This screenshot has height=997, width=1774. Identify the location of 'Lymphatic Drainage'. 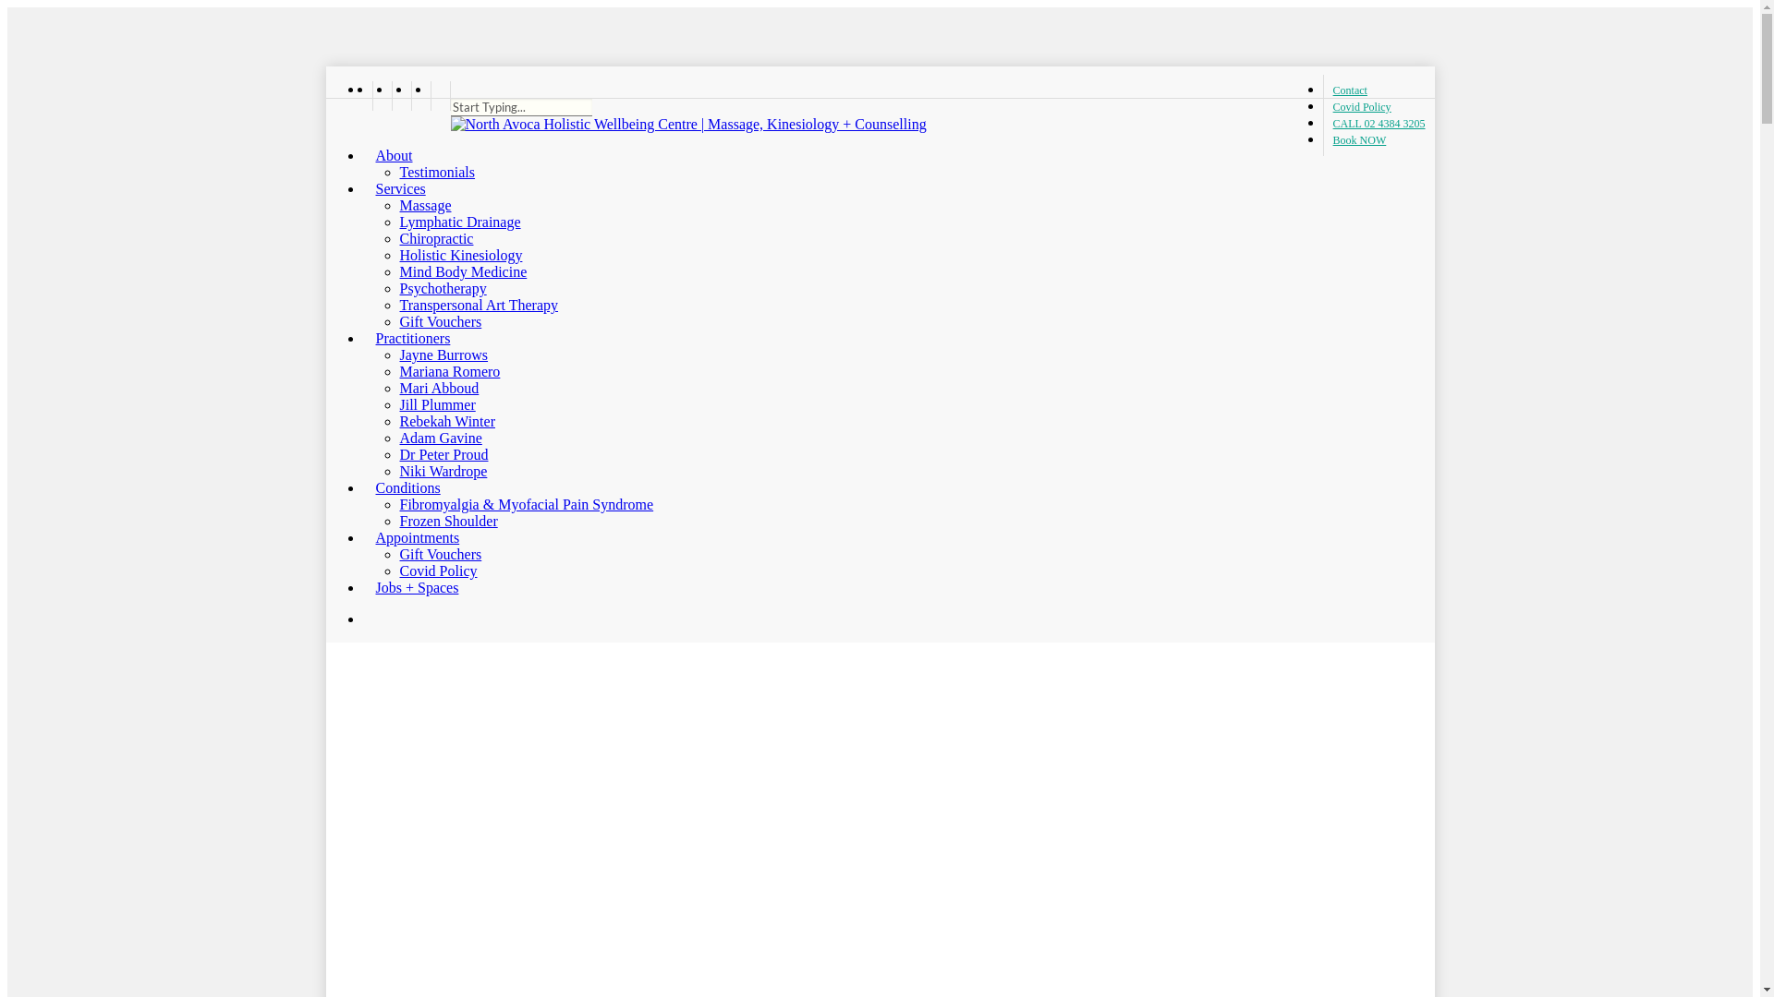
(459, 221).